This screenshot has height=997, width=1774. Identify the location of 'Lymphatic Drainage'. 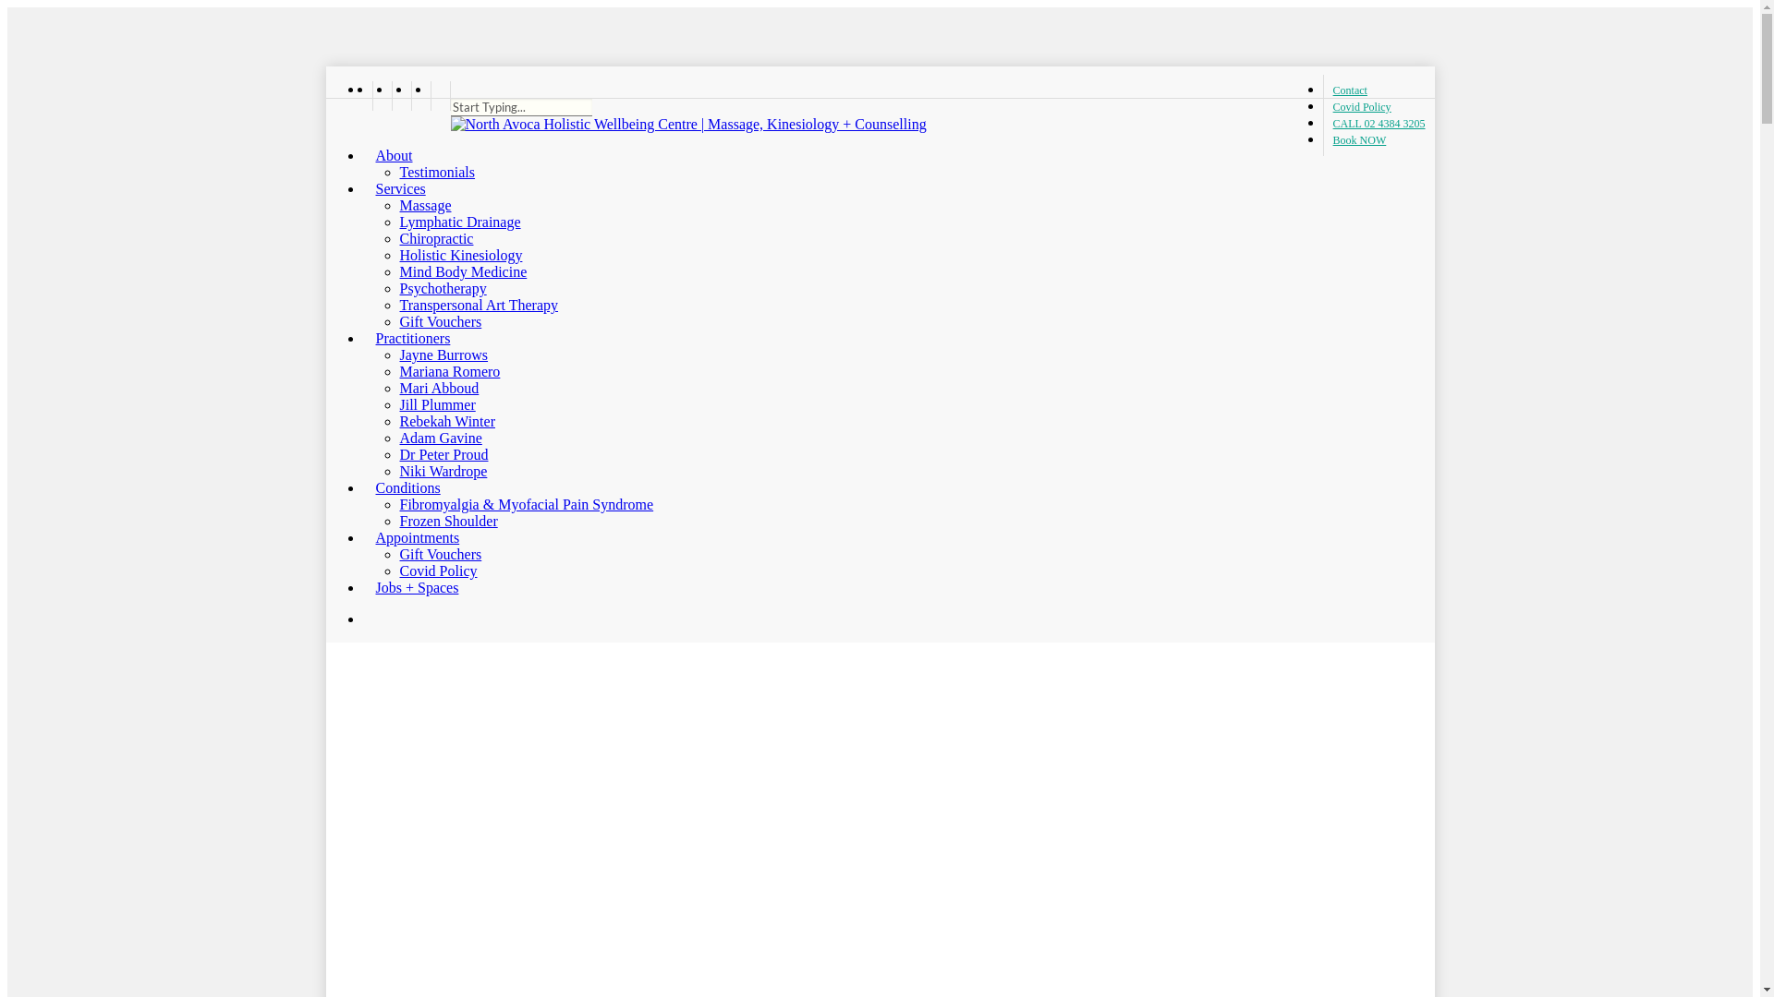
(459, 221).